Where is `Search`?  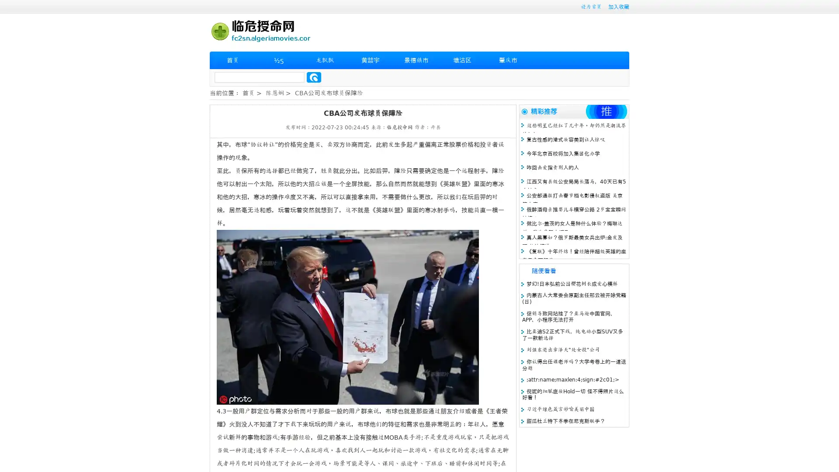 Search is located at coordinates (314, 77).